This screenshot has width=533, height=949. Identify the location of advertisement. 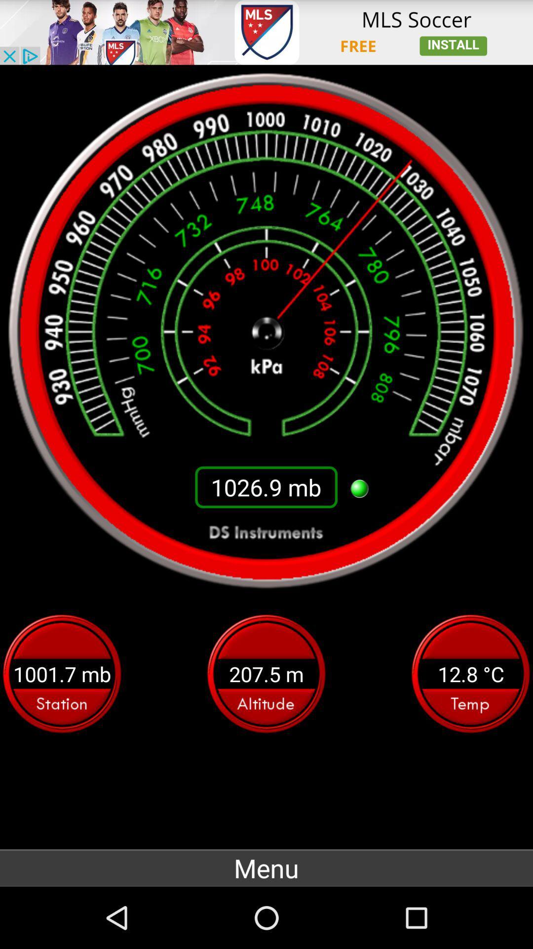
(266, 32).